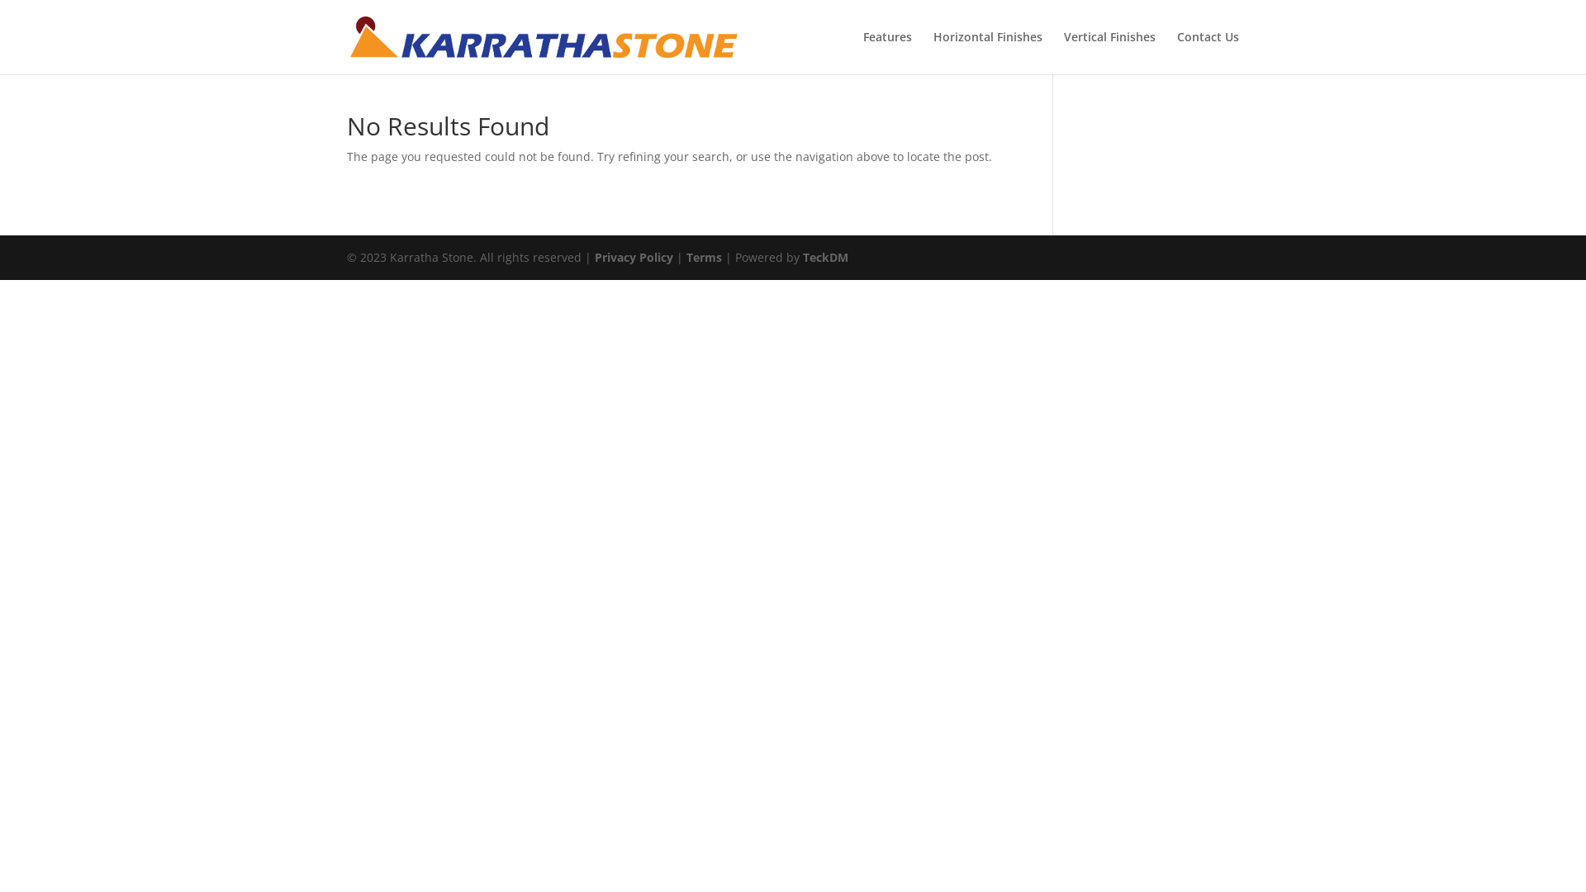  What do you see at coordinates (704, 257) in the screenshot?
I see `'Terms'` at bounding box center [704, 257].